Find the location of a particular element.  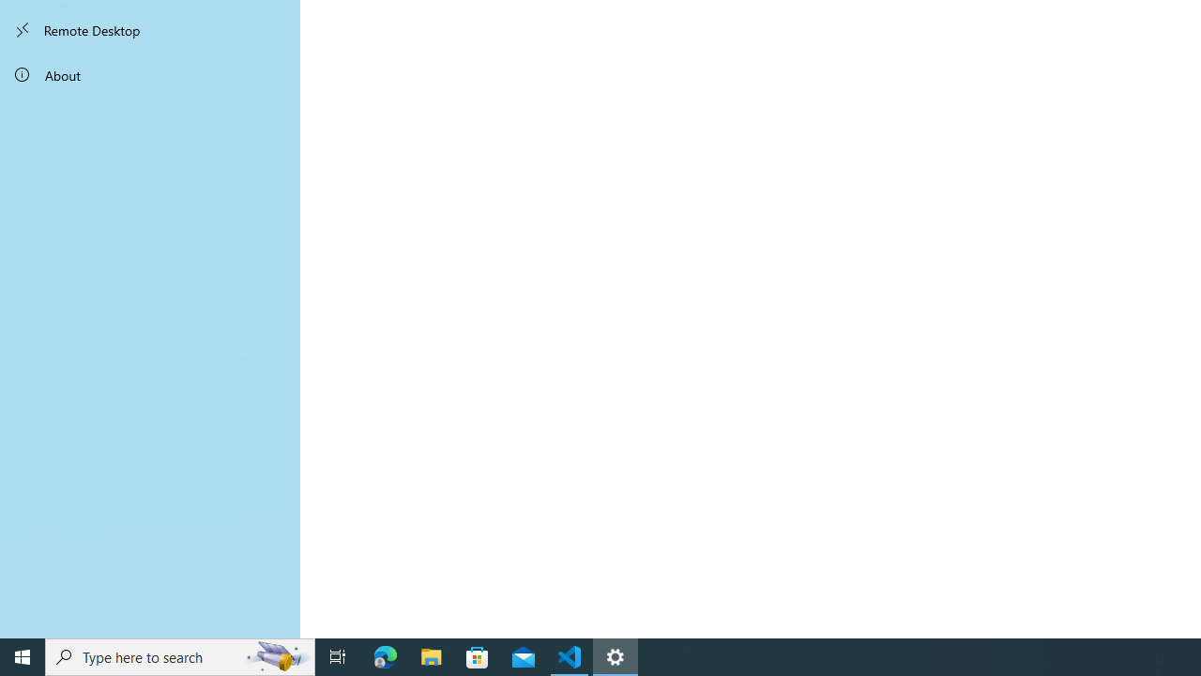

'Task View' is located at coordinates (337, 655).